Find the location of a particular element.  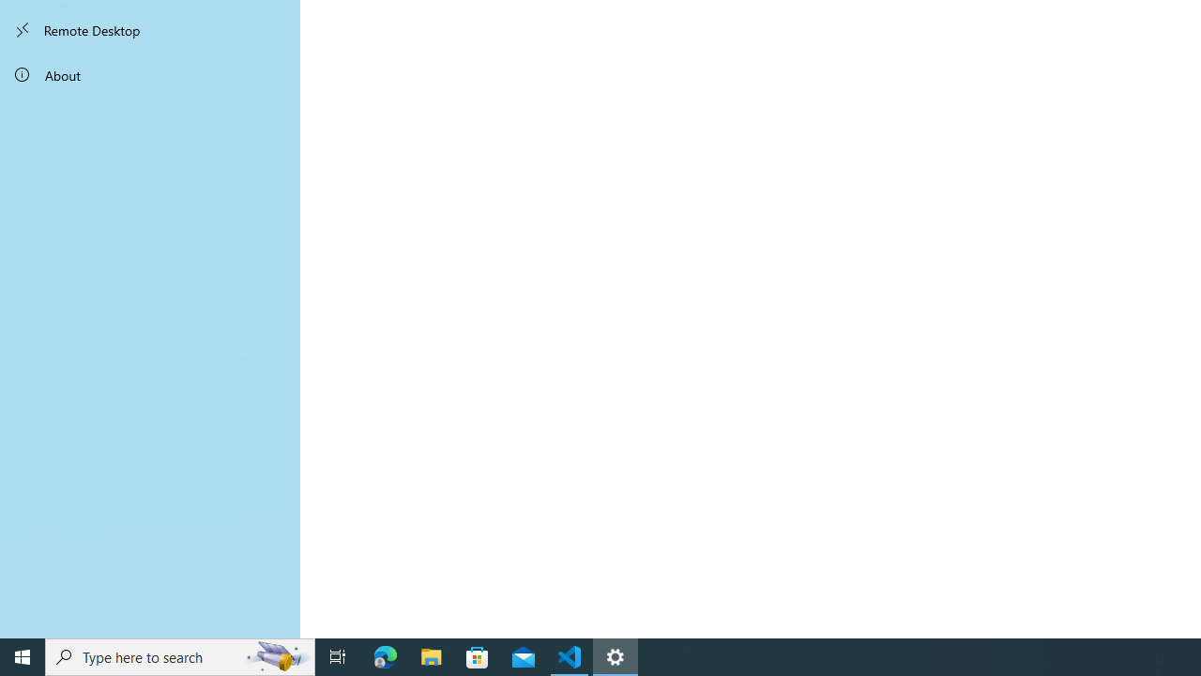

'Task View' is located at coordinates (337, 655).